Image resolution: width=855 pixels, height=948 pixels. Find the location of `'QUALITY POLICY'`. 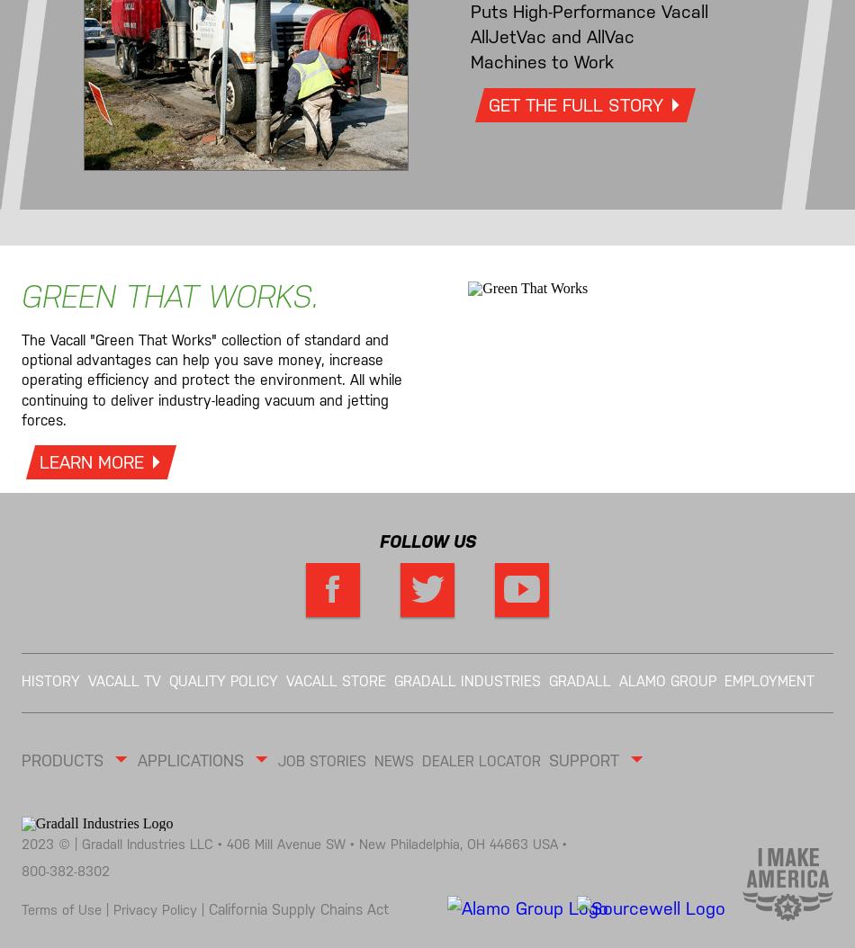

'QUALITY POLICY' is located at coordinates (221, 680).